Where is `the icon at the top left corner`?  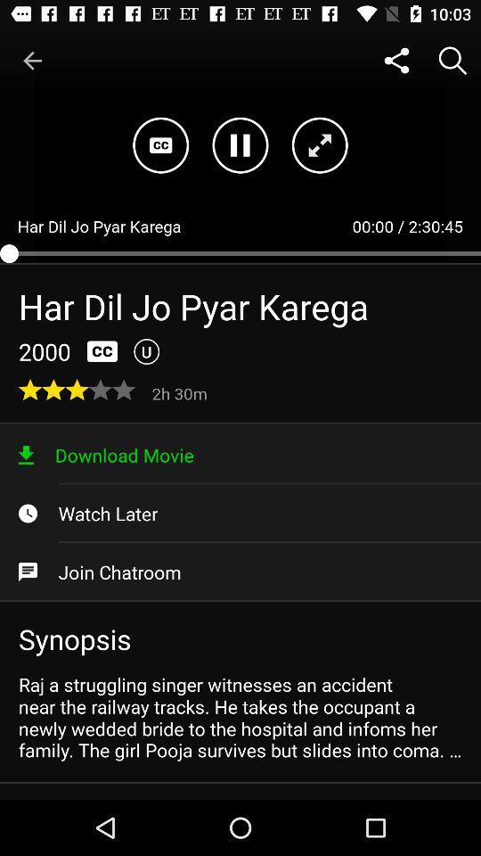
the icon at the top left corner is located at coordinates (32, 61).